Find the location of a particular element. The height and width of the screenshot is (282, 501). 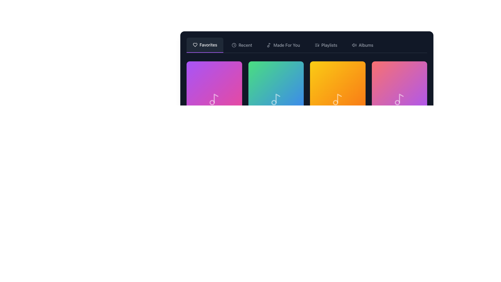

the interactive music playlist card located in the top row's fourth position is located at coordinates (399, 89).